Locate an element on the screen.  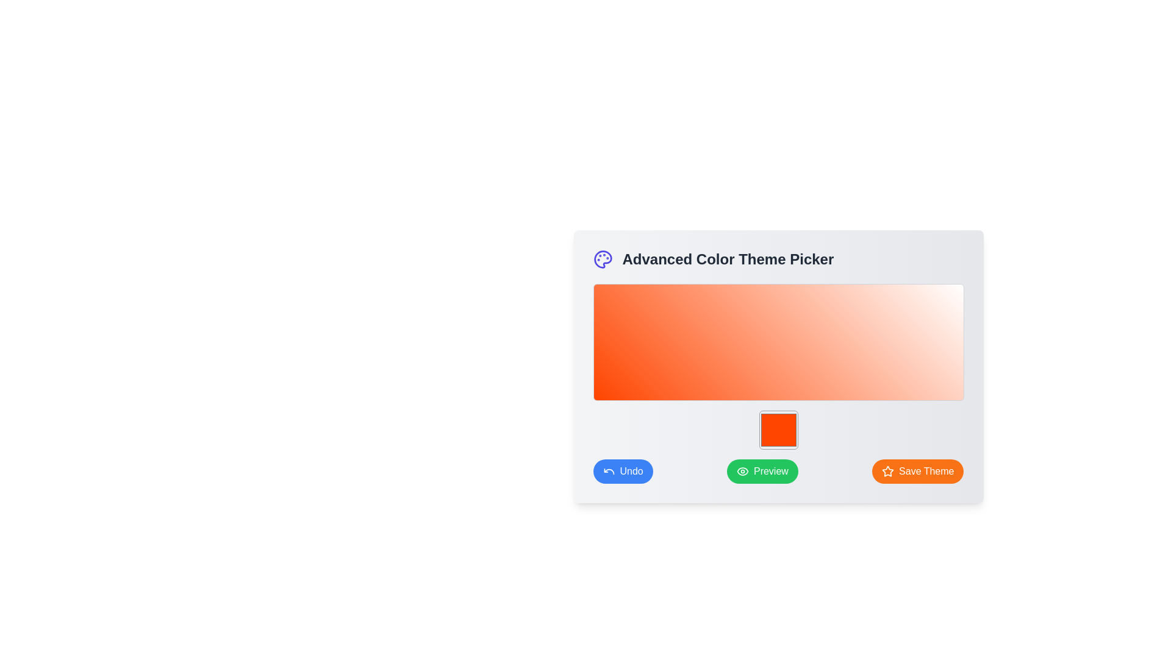
the bright orange 'Save Theme' button with a star icon is located at coordinates (918, 471).